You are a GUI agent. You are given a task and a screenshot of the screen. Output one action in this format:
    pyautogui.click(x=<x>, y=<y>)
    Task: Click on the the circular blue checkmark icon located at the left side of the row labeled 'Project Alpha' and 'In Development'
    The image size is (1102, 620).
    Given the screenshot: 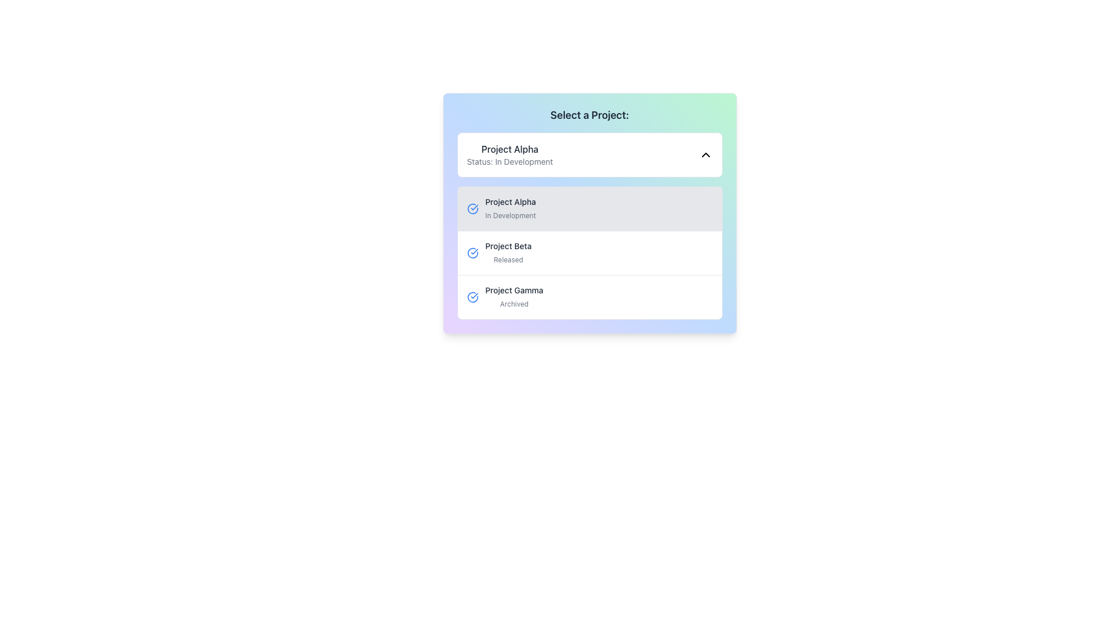 What is the action you would take?
    pyautogui.click(x=472, y=208)
    